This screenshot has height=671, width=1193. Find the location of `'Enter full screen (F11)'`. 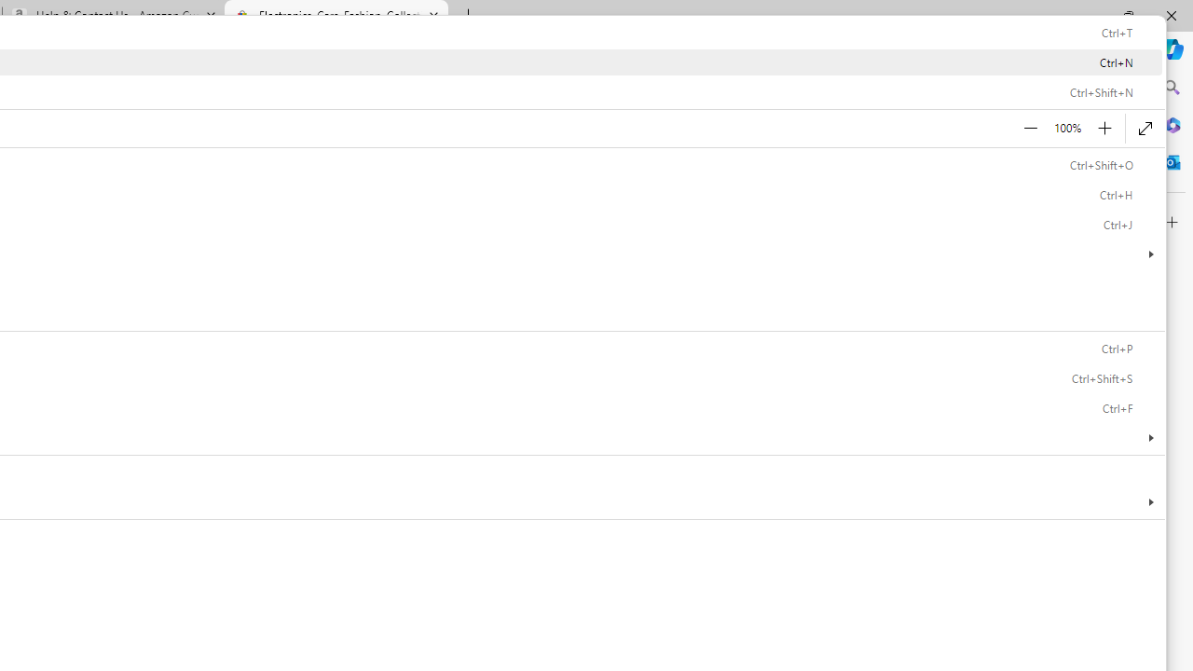

'Enter full screen (F11)' is located at coordinates (1144, 127).